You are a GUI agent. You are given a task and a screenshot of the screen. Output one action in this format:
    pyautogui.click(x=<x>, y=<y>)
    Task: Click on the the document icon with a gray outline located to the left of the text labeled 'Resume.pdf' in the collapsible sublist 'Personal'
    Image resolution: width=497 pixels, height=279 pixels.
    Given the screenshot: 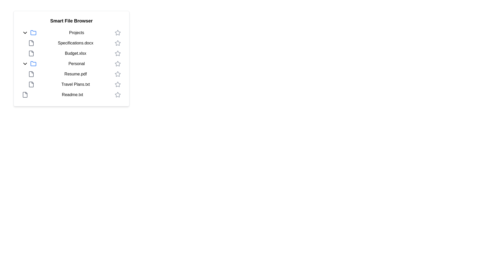 What is the action you would take?
    pyautogui.click(x=31, y=74)
    